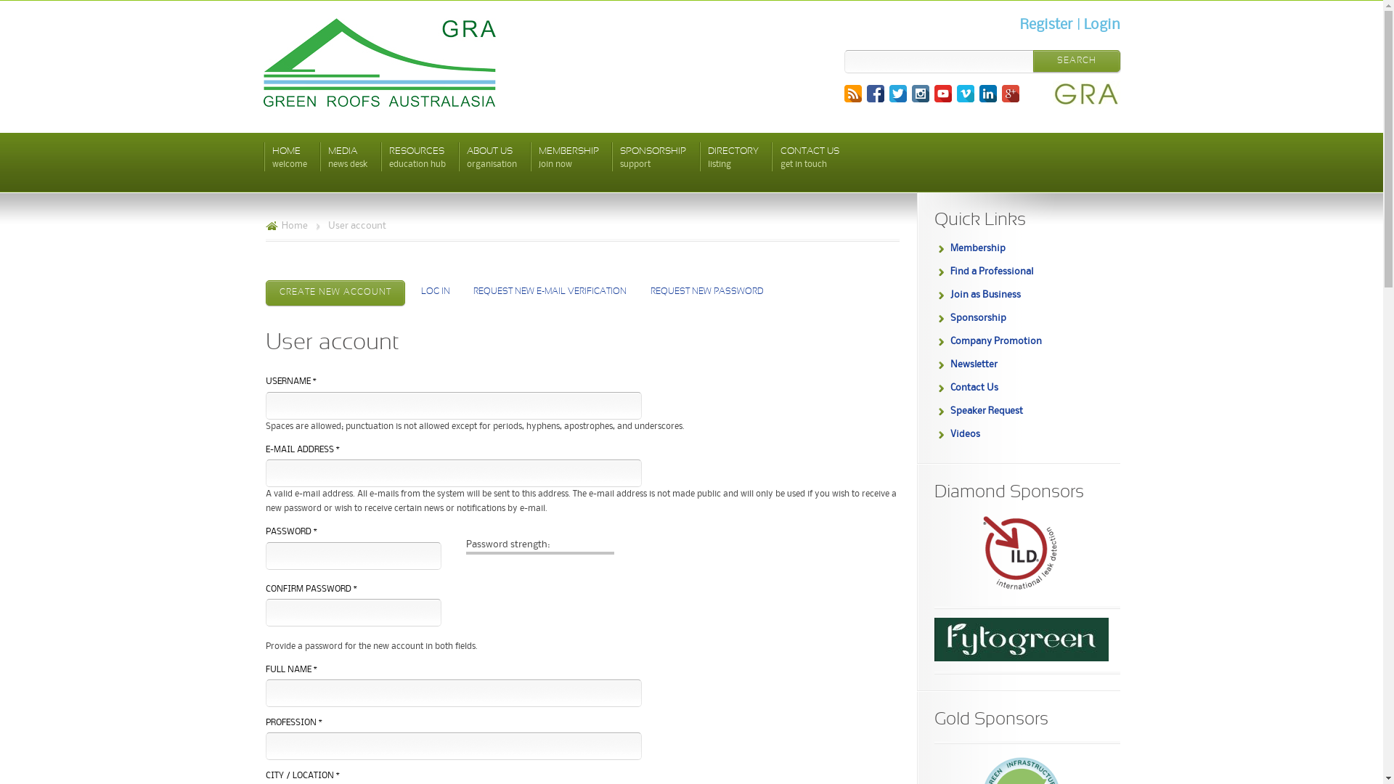 Image resolution: width=1394 pixels, height=784 pixels. What do you see at coordinates (888, 95) in the screenshot?
I see `'Twitter'` at bounding box center [888, 95].